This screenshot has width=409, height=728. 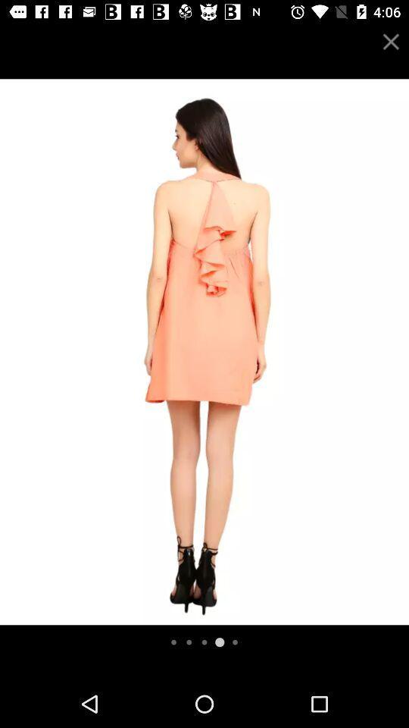 What do you see at coordinates (391, 41) in the screenshot?
I see `option` at bounding box center [391, 41].